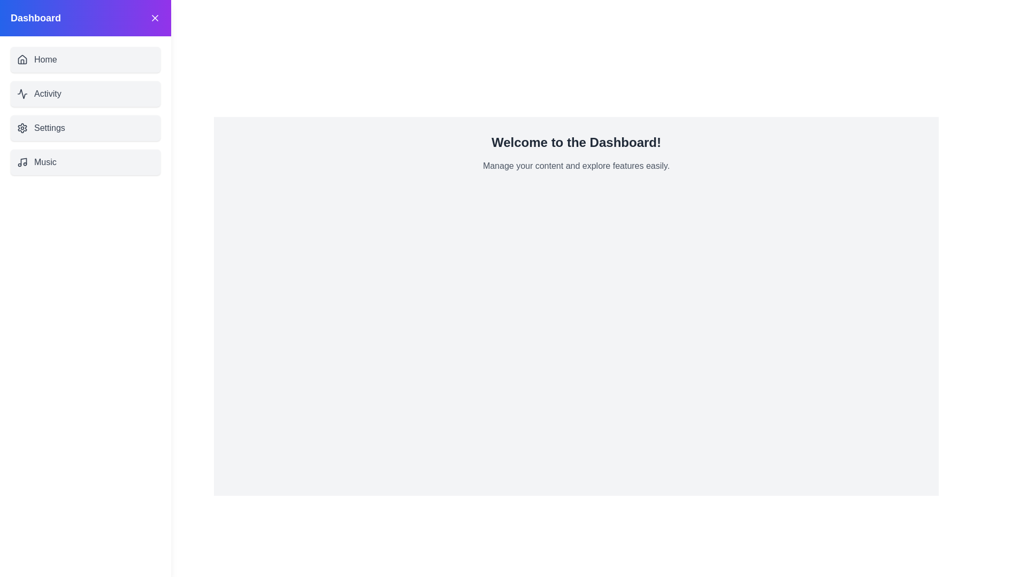  What do you see at coordinates (85, 127) in the screenshot?
I see `the menu item labeled Settings to navigate to the corresponding section` at bounding box center [85, 127].